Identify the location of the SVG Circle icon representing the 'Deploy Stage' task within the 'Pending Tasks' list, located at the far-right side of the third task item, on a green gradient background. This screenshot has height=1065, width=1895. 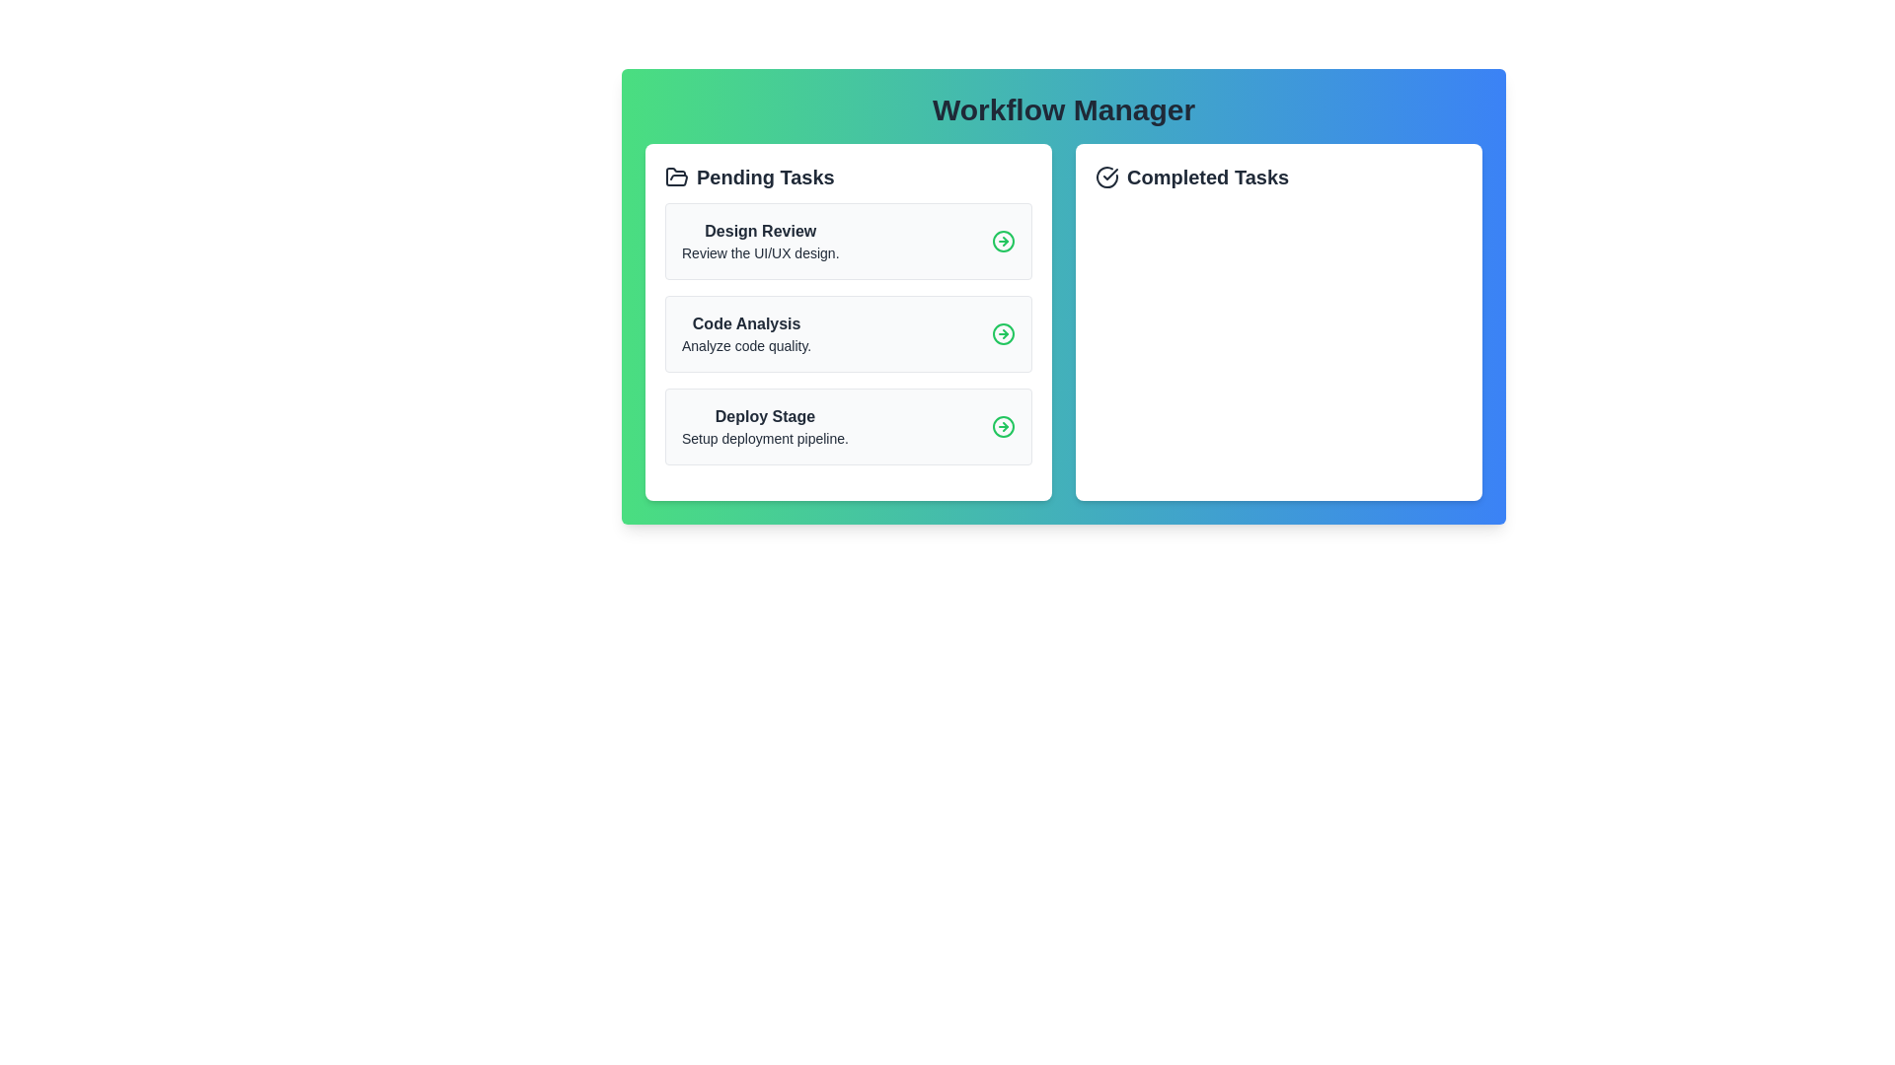
(1004, 425).